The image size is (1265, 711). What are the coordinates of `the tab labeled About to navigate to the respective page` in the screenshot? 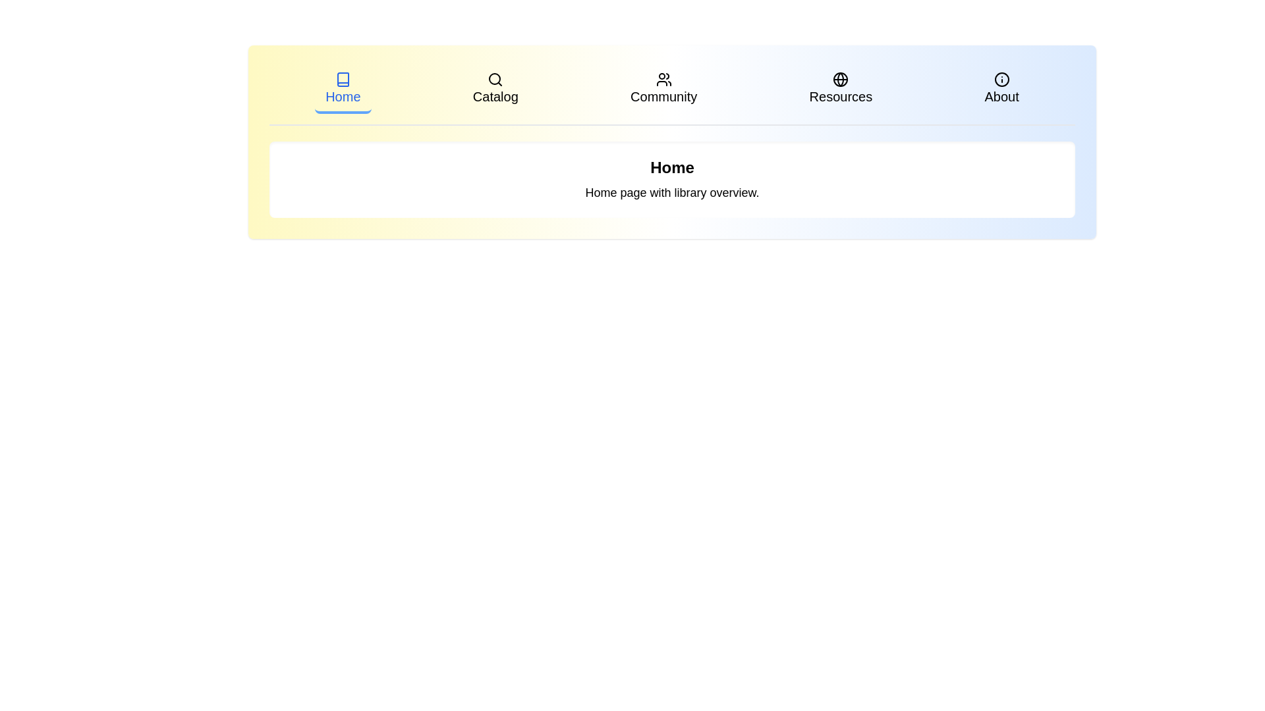 It's located at (1001, 90).